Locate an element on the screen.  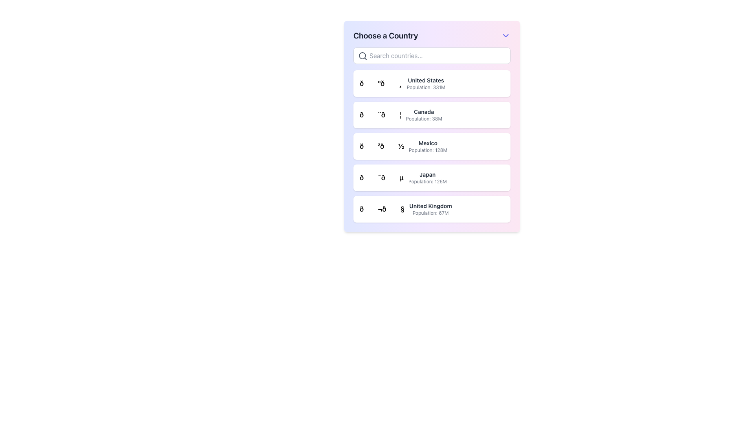
the fourth list item in the vertical list of country blocks that displays 'Japan' with a white background and rounded corners is located at coordinates (431, 177).